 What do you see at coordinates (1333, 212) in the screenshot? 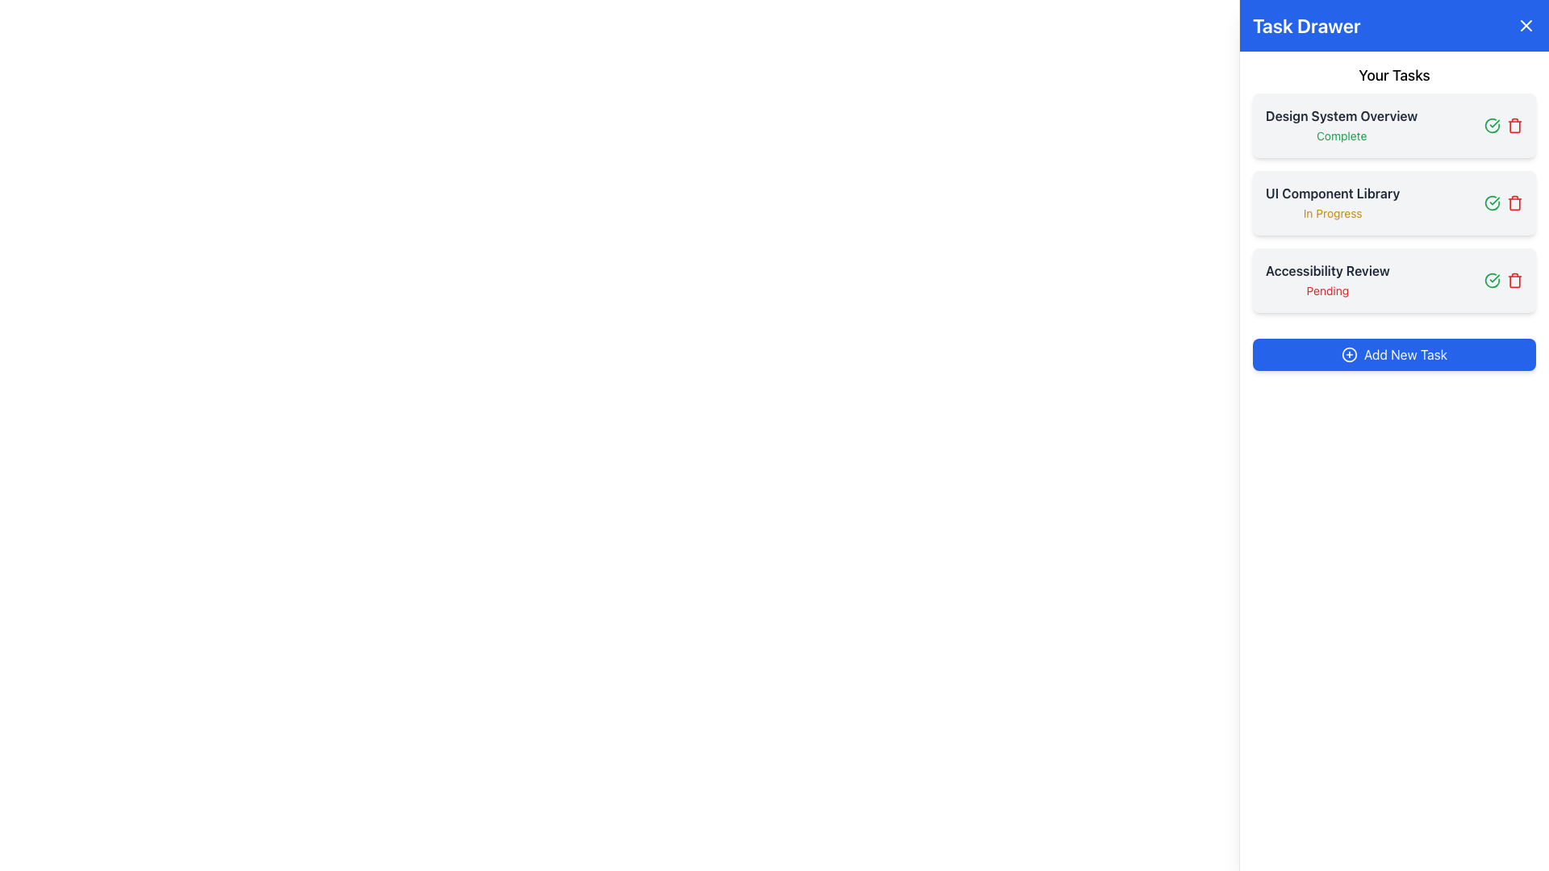
I see `the 'In Progress' status label located beneath the 'UI Component Library' within the second task item in the task list` at bounding box center [1333, 212].